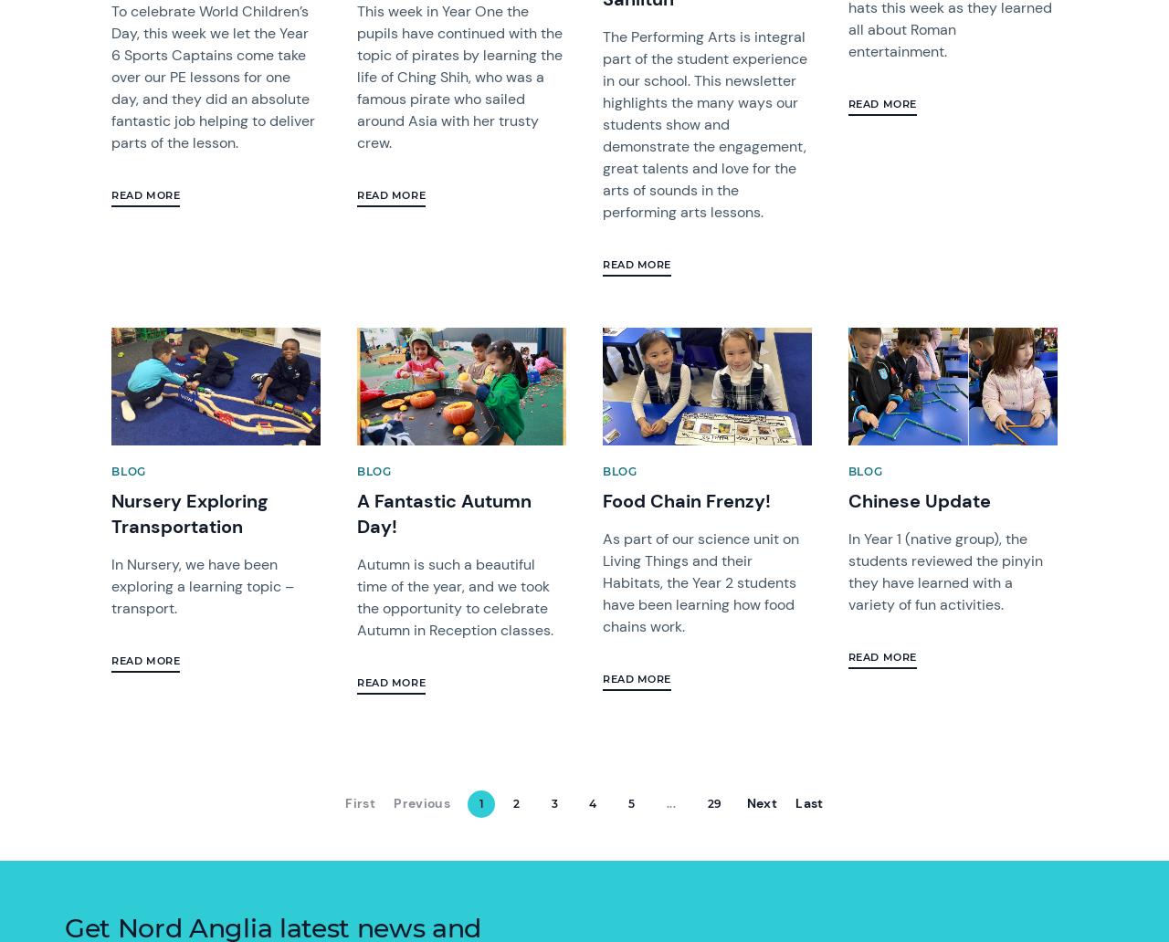  Describe the element at coordinates (702, 123) in the screenshot. I see `'The Performing Arts is integral part of the student experience in our school. This newsletter highlights the many ways our students show and demonstrate the engagement, great talents and love for the arts of sounds in the performing arts lessons.'` at that location.